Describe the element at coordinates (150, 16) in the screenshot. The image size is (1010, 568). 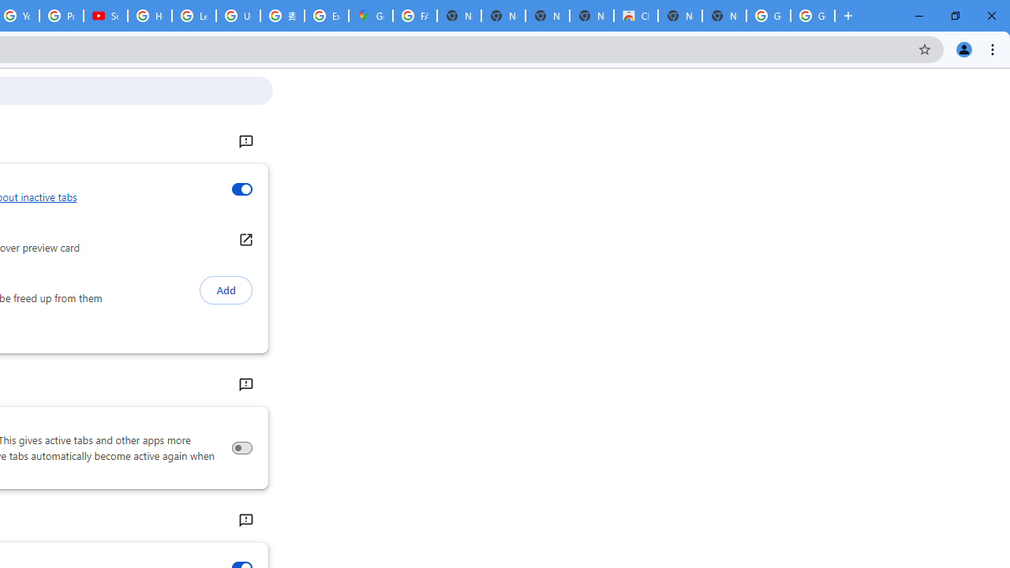
I see `'How Chrome protects your passwords - Google Chrome Help'` at that location.